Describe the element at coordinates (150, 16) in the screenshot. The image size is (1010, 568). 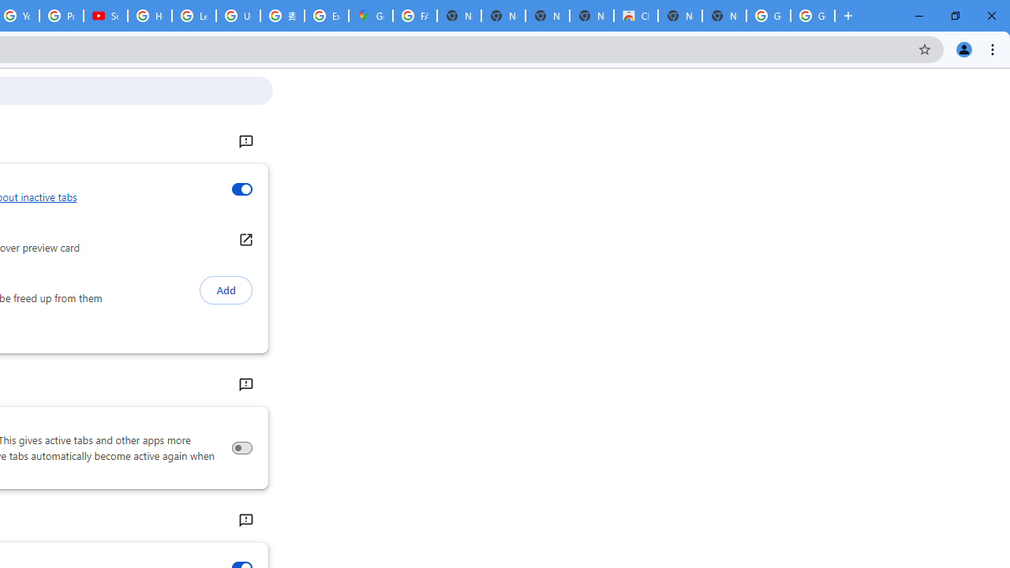
I see `'How Chrome protects your passwords - Google Chrome Help'` at that location.